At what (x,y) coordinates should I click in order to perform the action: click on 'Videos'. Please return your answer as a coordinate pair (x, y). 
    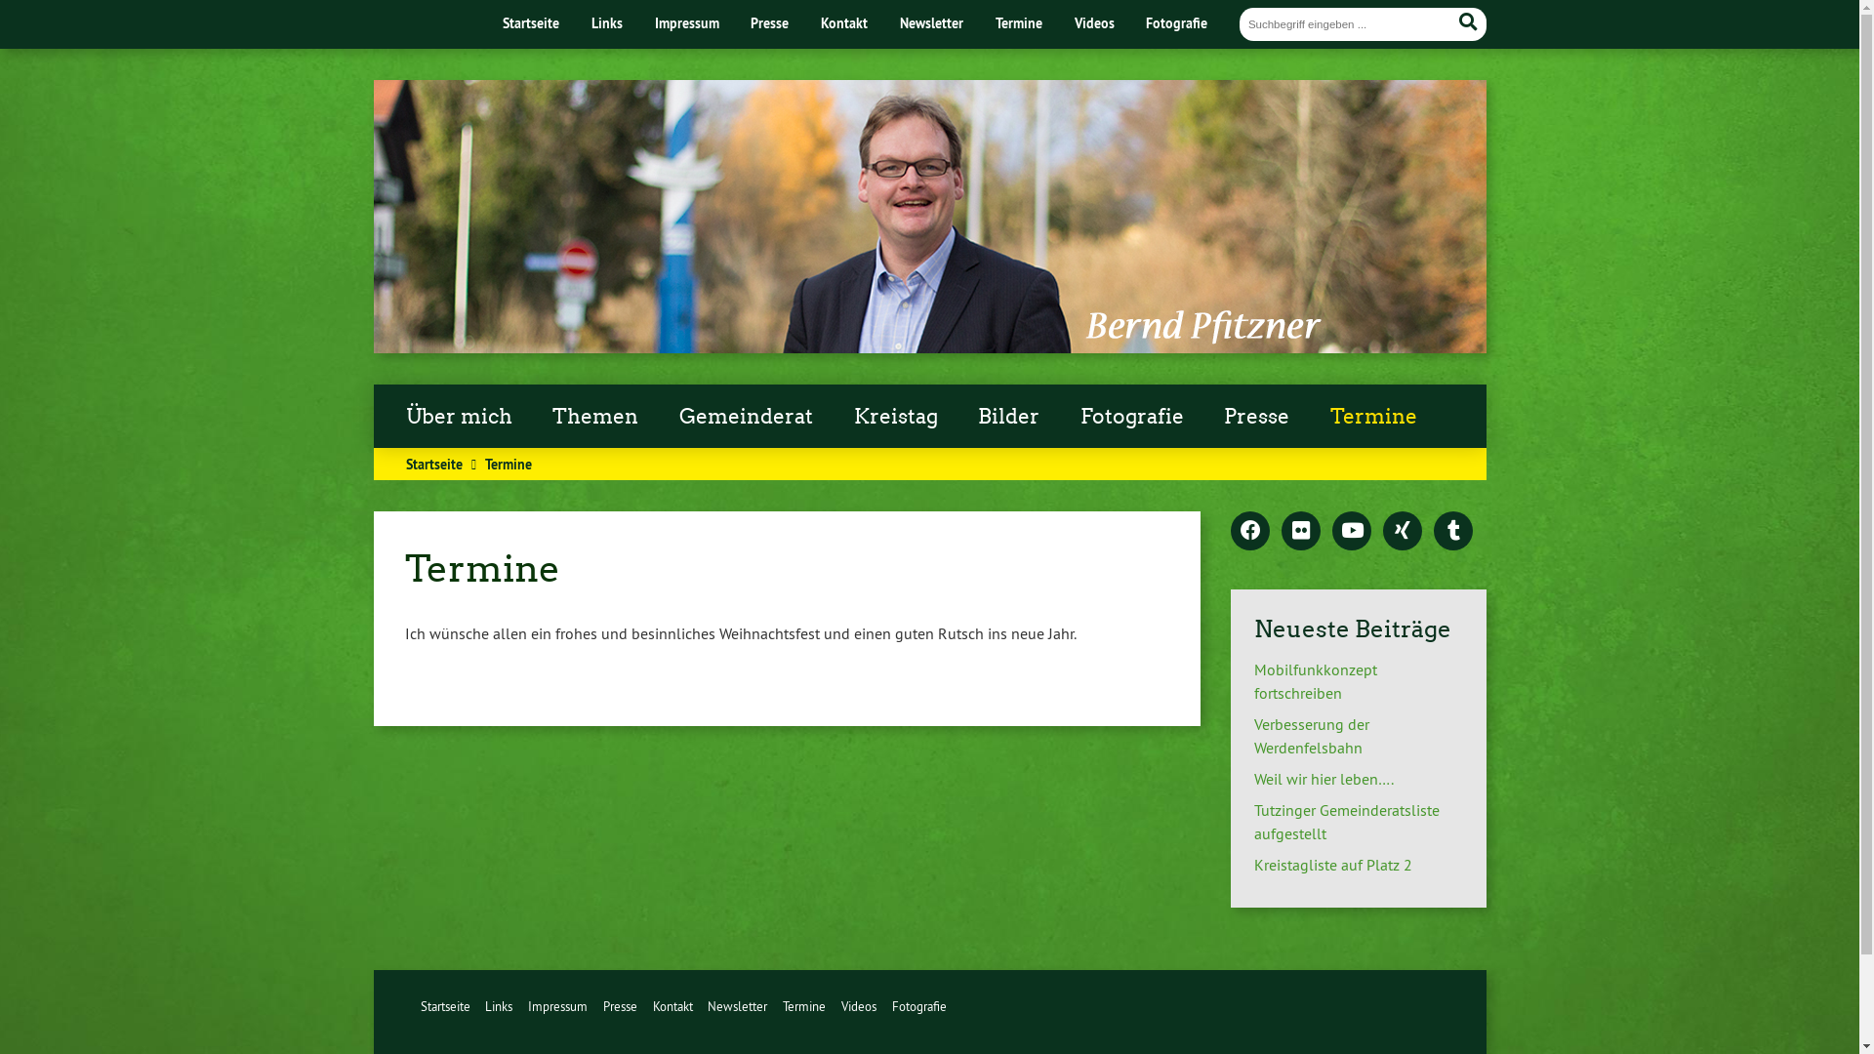
    Looking at the image, I should click on (841, 1005).